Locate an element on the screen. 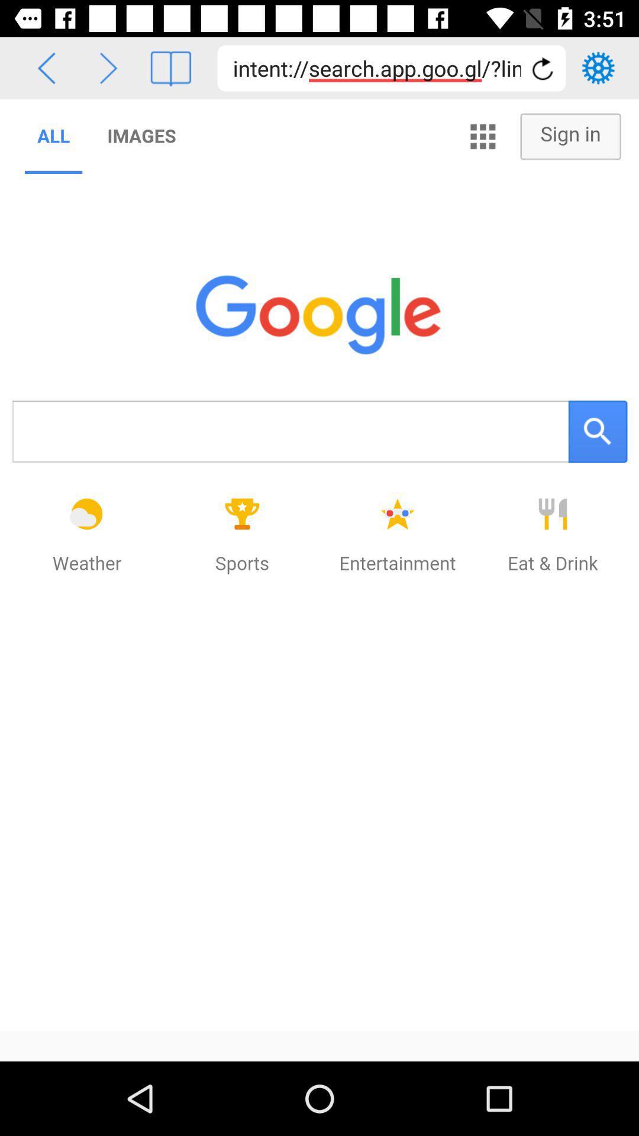  go back is located at coordinates (46, 67).